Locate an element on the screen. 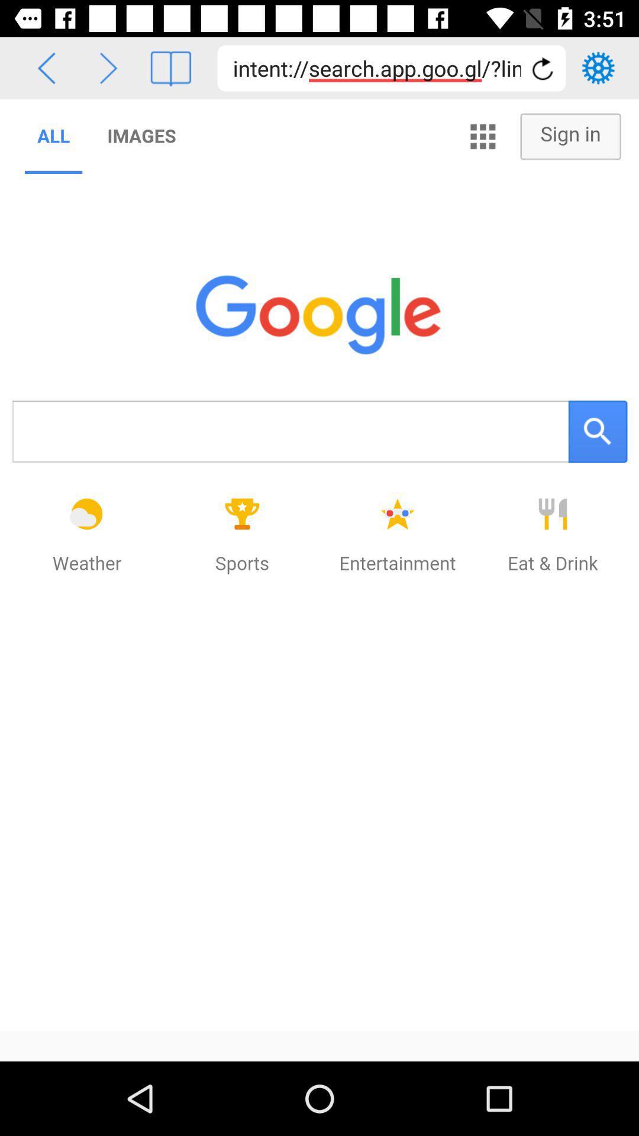  go back is located at coordinates (46, 67).